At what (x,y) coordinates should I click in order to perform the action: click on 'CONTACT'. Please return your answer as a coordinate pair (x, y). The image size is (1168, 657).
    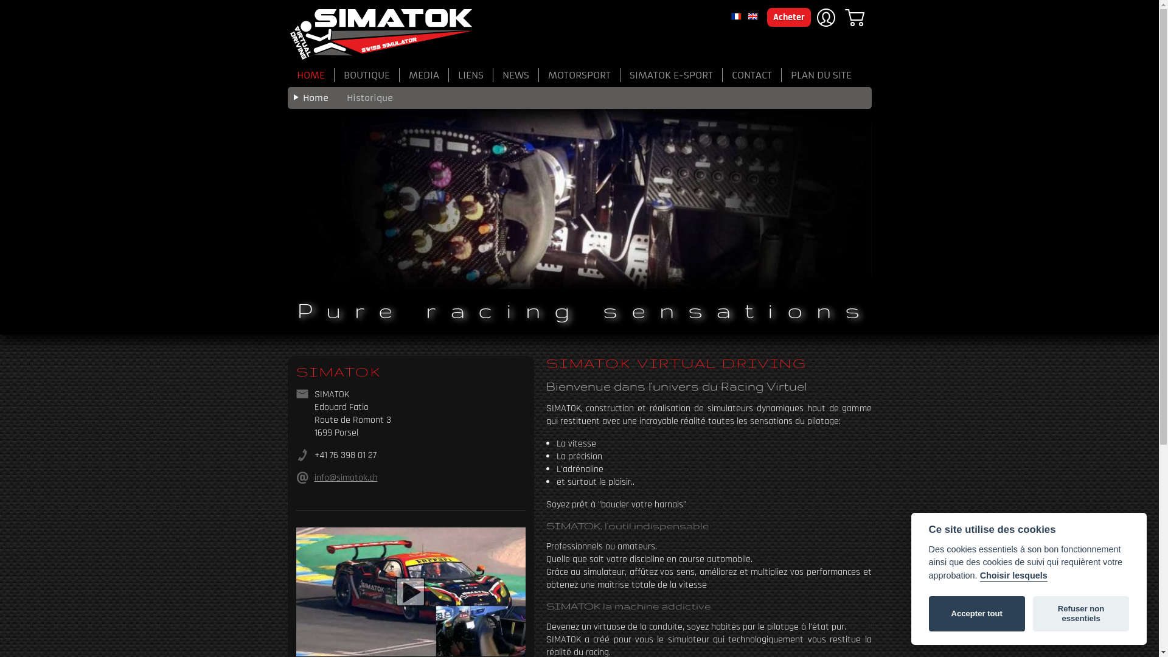
    Looking at the image, I should click on (723, 75).